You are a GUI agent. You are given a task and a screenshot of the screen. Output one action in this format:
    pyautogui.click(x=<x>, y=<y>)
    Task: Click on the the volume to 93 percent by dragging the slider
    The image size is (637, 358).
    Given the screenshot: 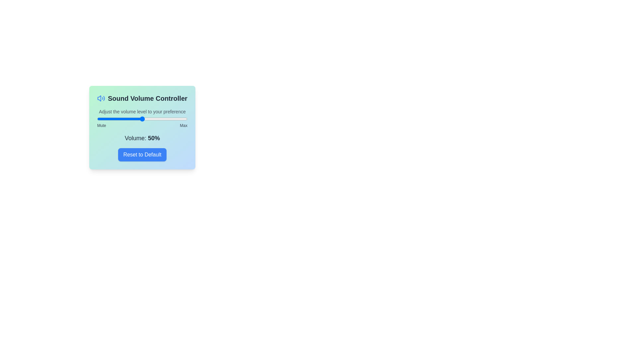 What is the action you would take?
    pyautogui.click(x=181, y=118)
    